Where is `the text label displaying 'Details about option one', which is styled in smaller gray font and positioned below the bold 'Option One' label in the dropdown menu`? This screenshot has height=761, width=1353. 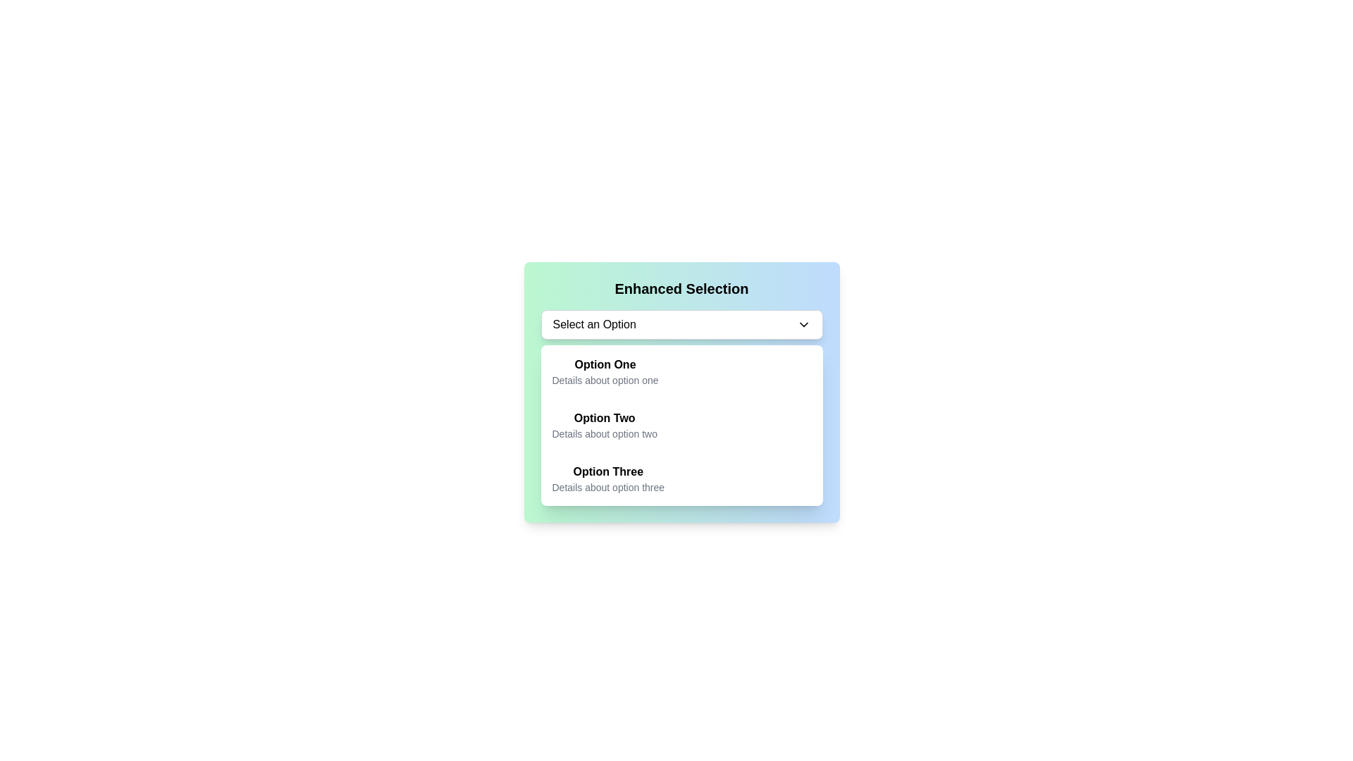 the text label displaying 'Details about option one', which is styled in smaller gray font and positioned below the bold 'Option One' label in the dropdown menu is located at coordinates (605, 380).